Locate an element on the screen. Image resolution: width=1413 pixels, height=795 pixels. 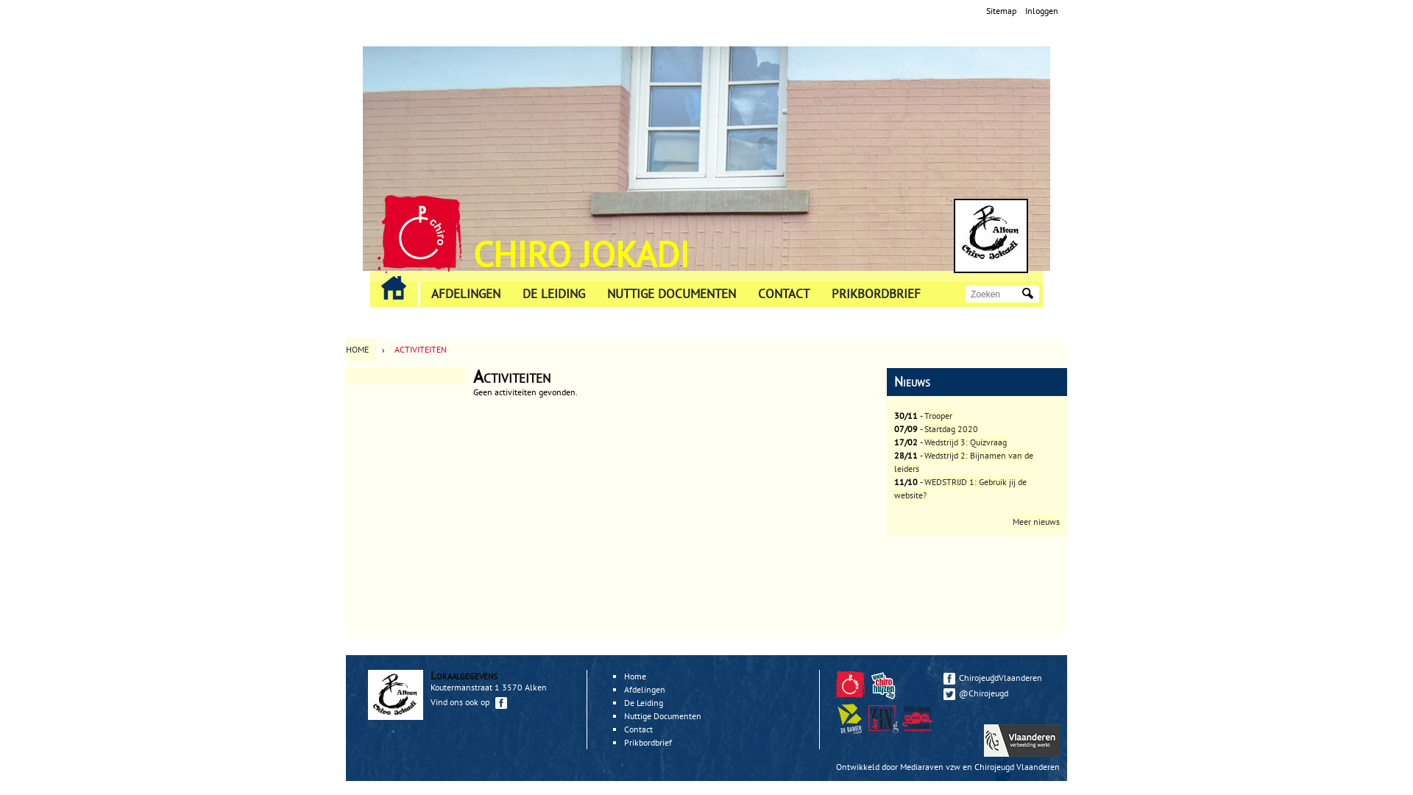
'Meer nieuws' is located at coordinates (1035, 520).